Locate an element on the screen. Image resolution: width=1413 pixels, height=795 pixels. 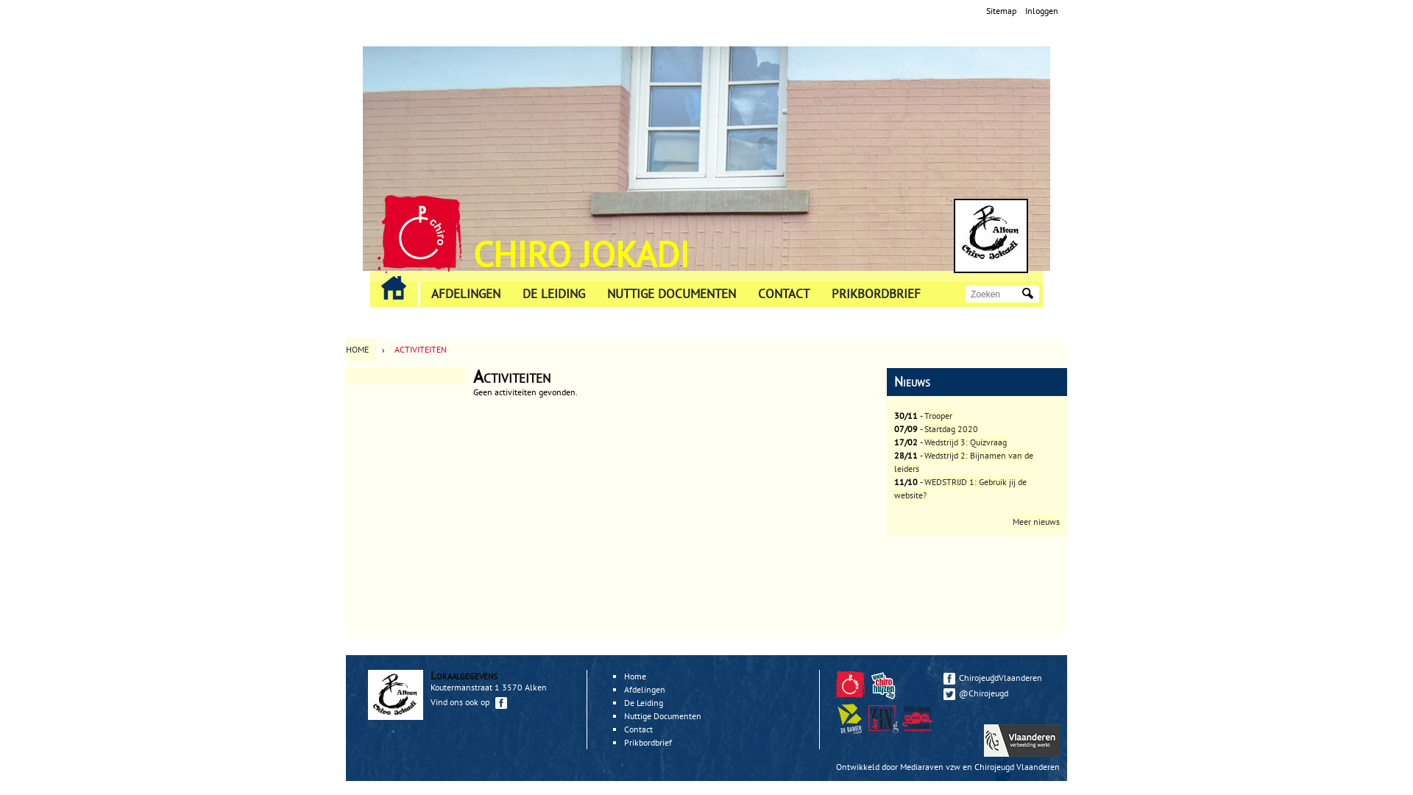
'Meer nieuws' is located at coordinates (1035, 520).